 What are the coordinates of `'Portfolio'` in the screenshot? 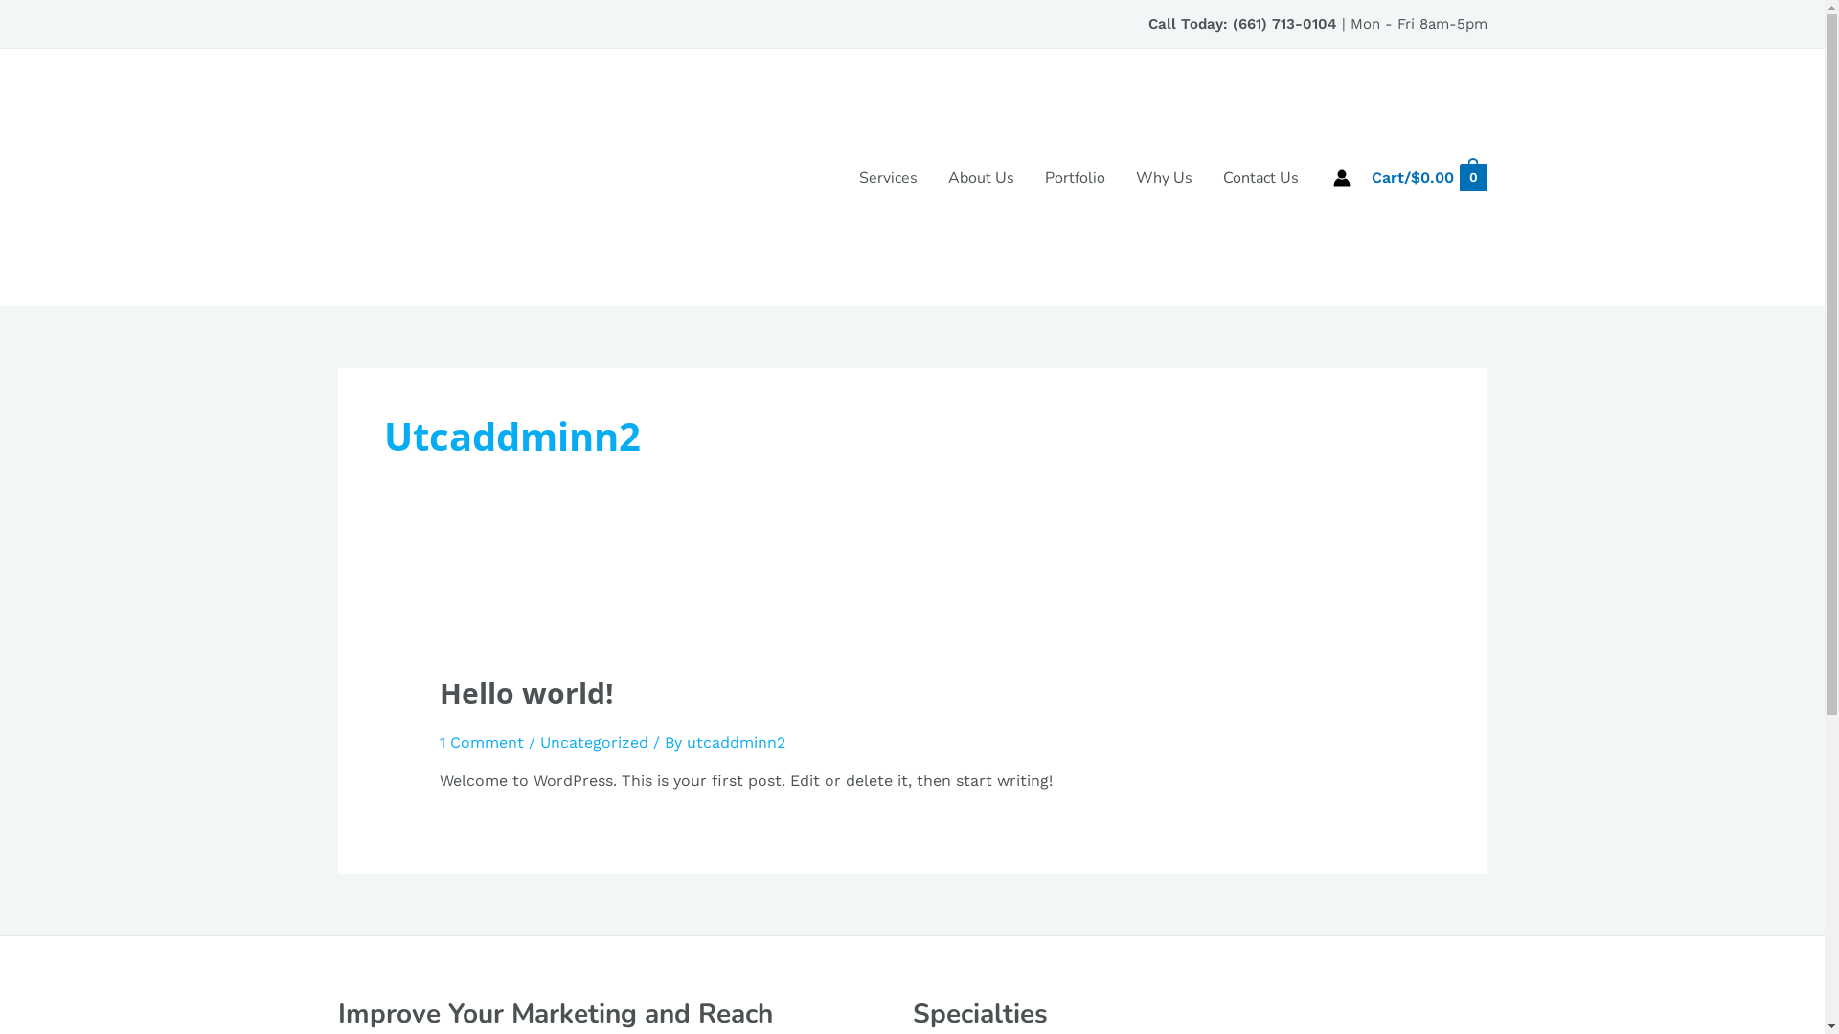 It's located at (1075, 177).